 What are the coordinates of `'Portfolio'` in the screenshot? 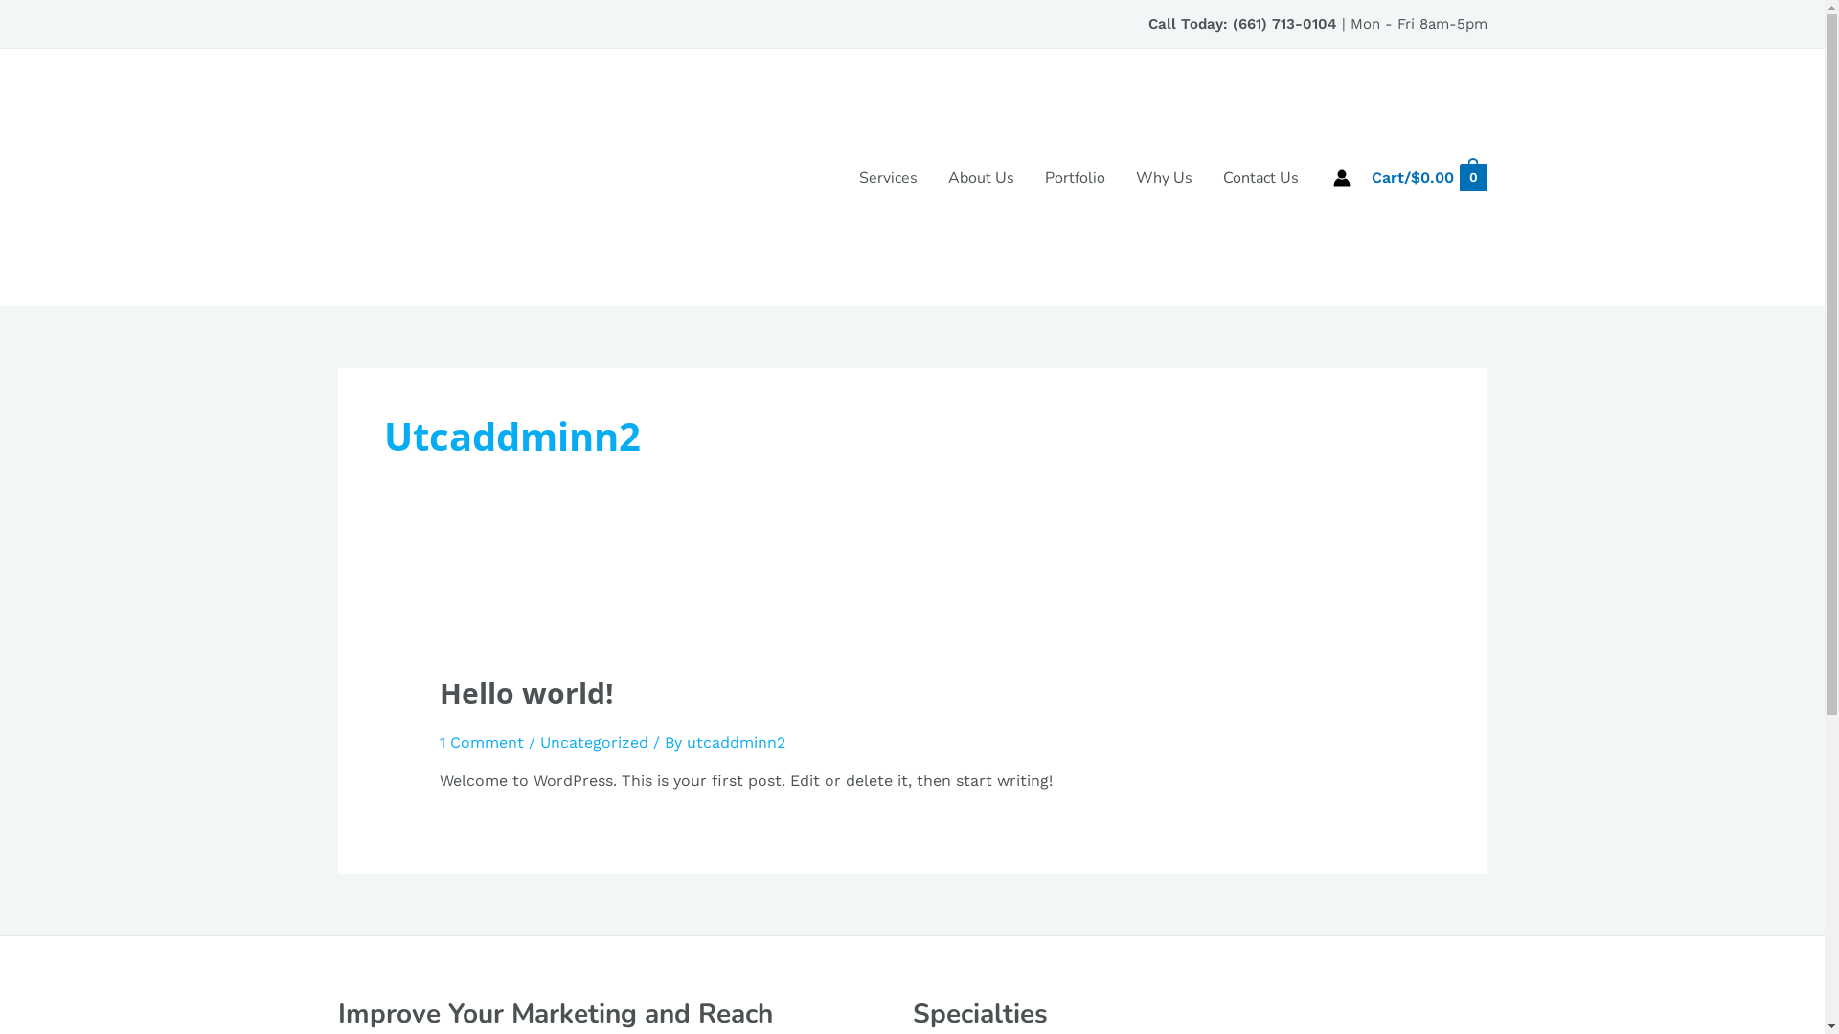 It's located at (1075, 177).